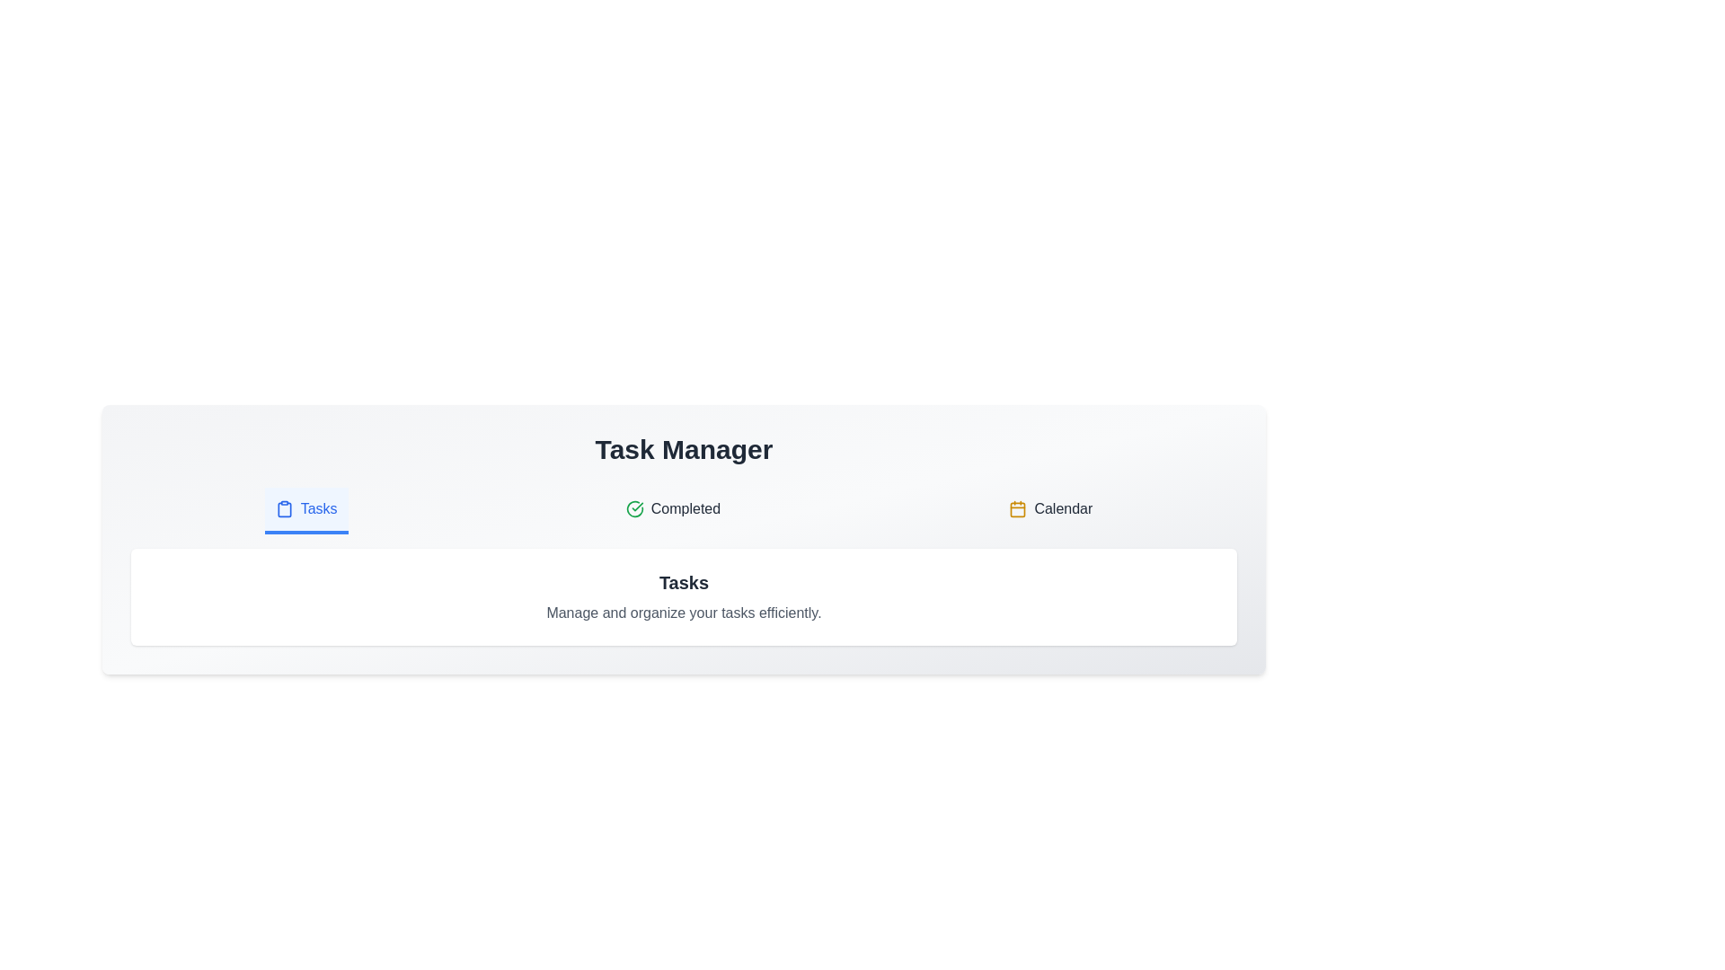 This screenshot has width=1725, height=970. What do you see at coordinates (1018, 509) in the screenshot?
I see `the icon associated with the Calendar tab` at bounding box center [1018, 509].